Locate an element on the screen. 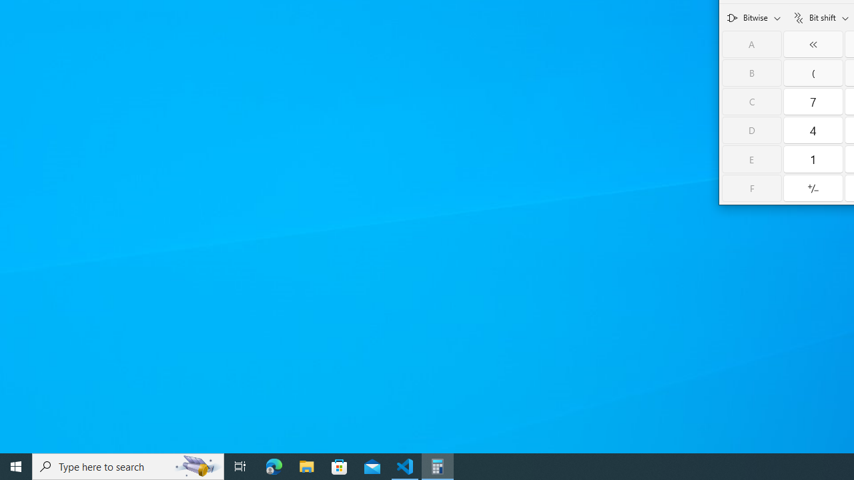 This screenshot has height=480, width=854. 'C' is located at coordinates (752, 101).